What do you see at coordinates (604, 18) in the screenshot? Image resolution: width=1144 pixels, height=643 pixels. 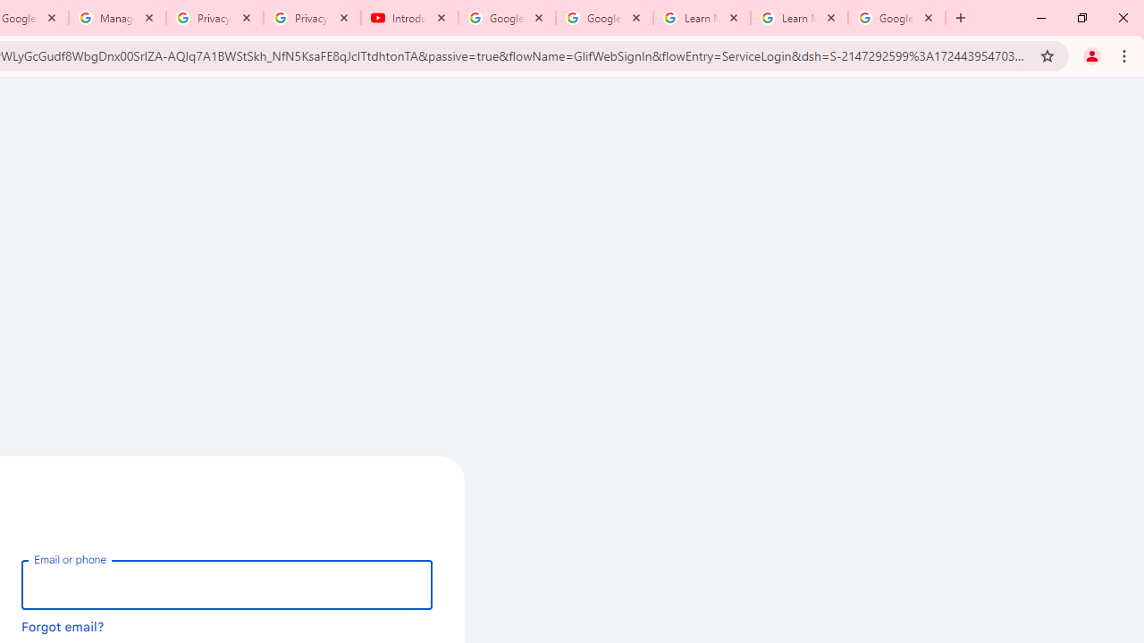 I see `'Google Account Help'` at bounding box center [604, 18].